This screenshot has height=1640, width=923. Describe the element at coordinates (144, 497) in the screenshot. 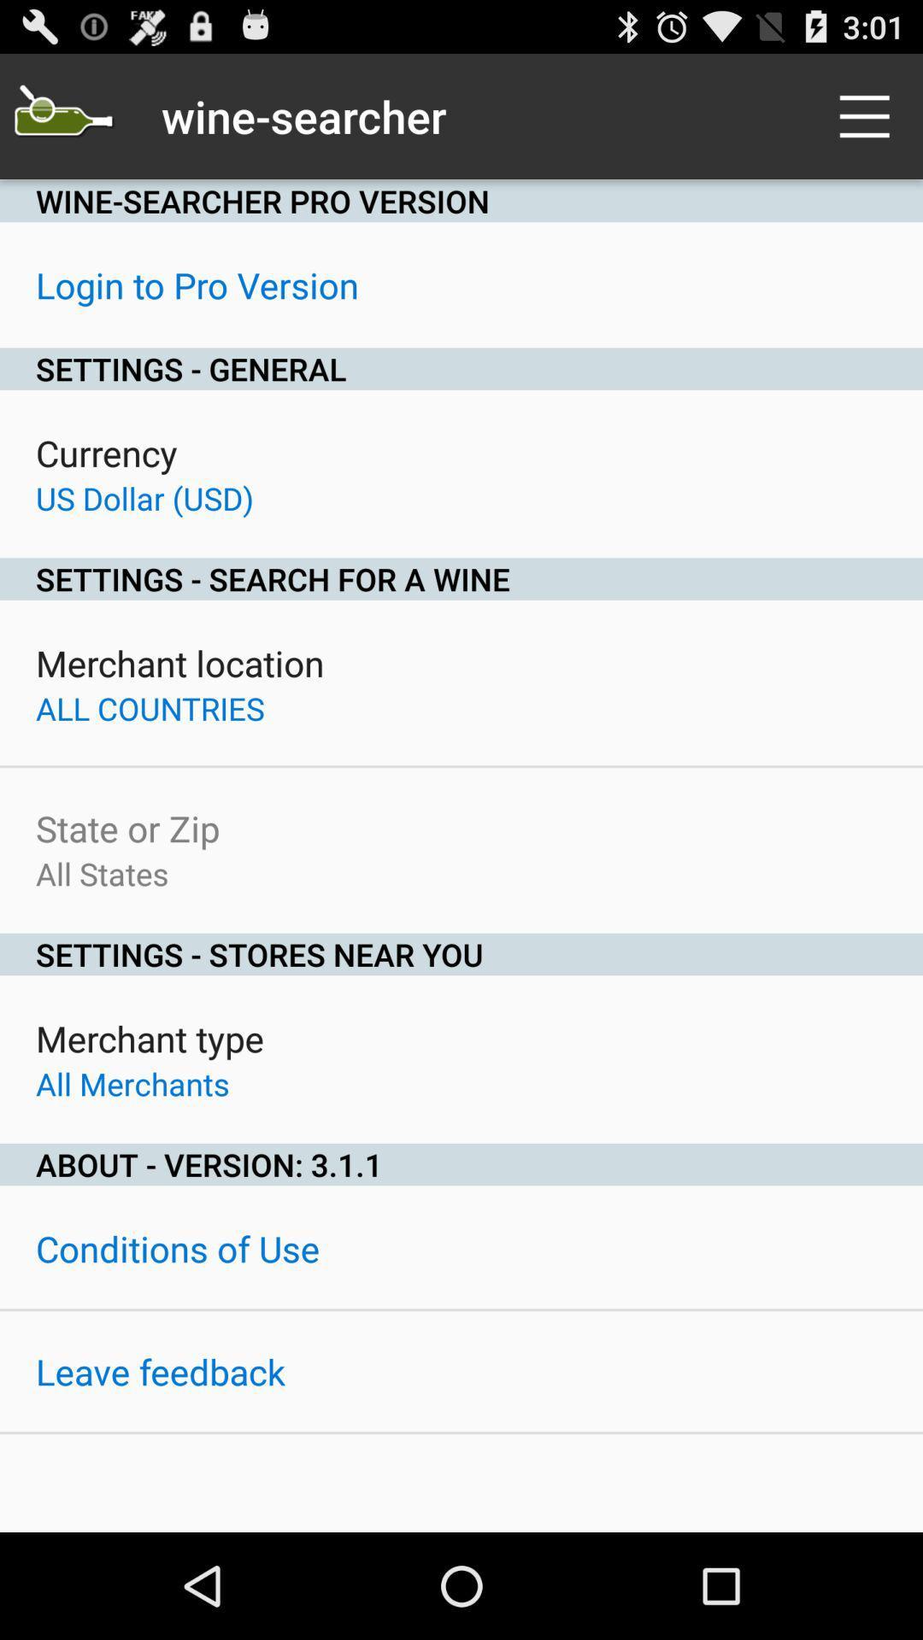

I see `the us dollar (usd) item` at that location.